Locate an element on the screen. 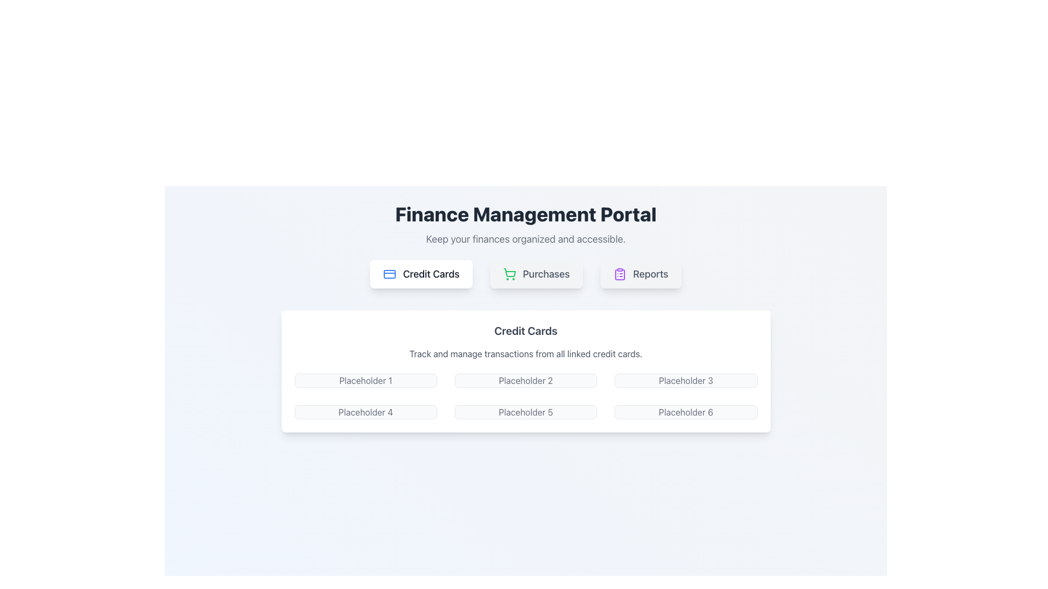 Image resolution: width=1048 pixels, height=589 pixels. the text element that reads 'Track and manage transactions from all linked credit cards.' which is located below the heading 'Credit Cards' is located at coordinates (526, 353).